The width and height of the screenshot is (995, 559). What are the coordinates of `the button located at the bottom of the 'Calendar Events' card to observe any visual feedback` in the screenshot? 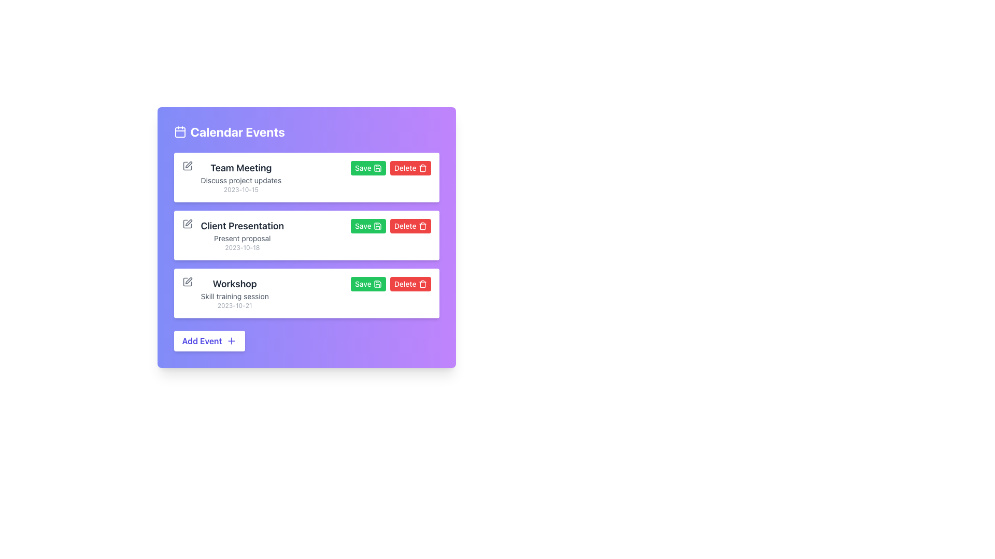 It's located at (208, 341).